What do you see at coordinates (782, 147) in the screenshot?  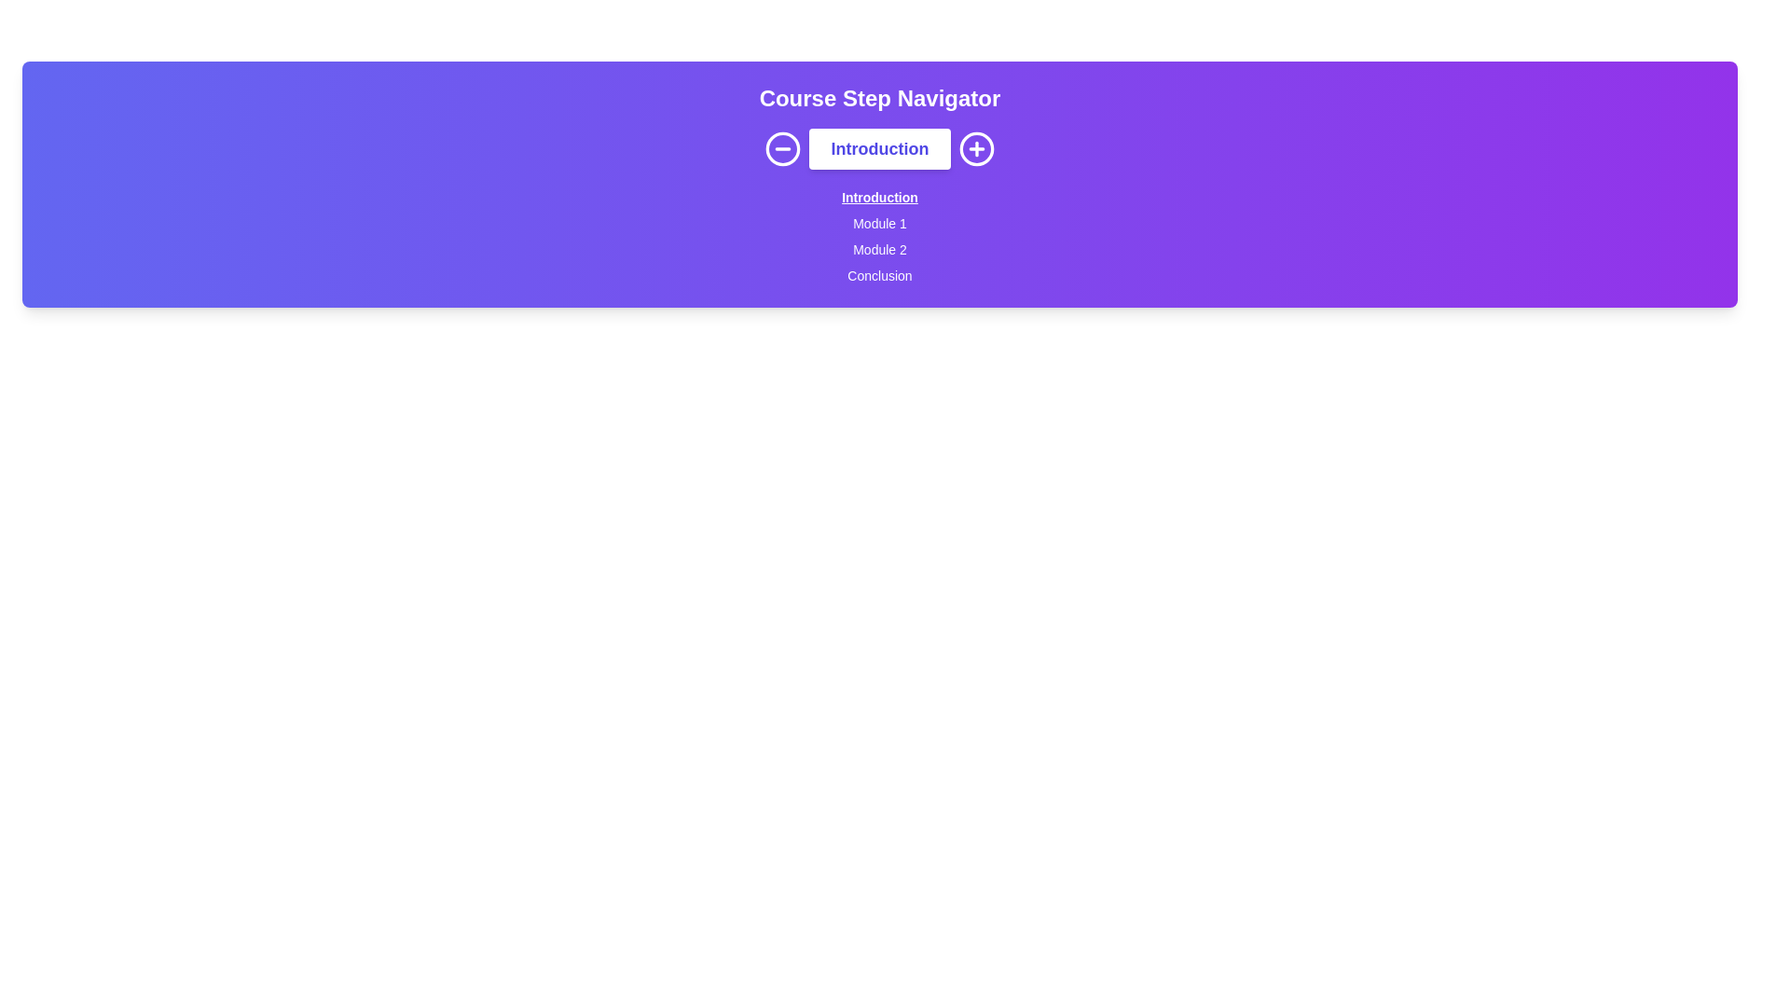 I see `the circular minus icon button located to the left of the 'Introduction' button` at bounding box center [782, 147].